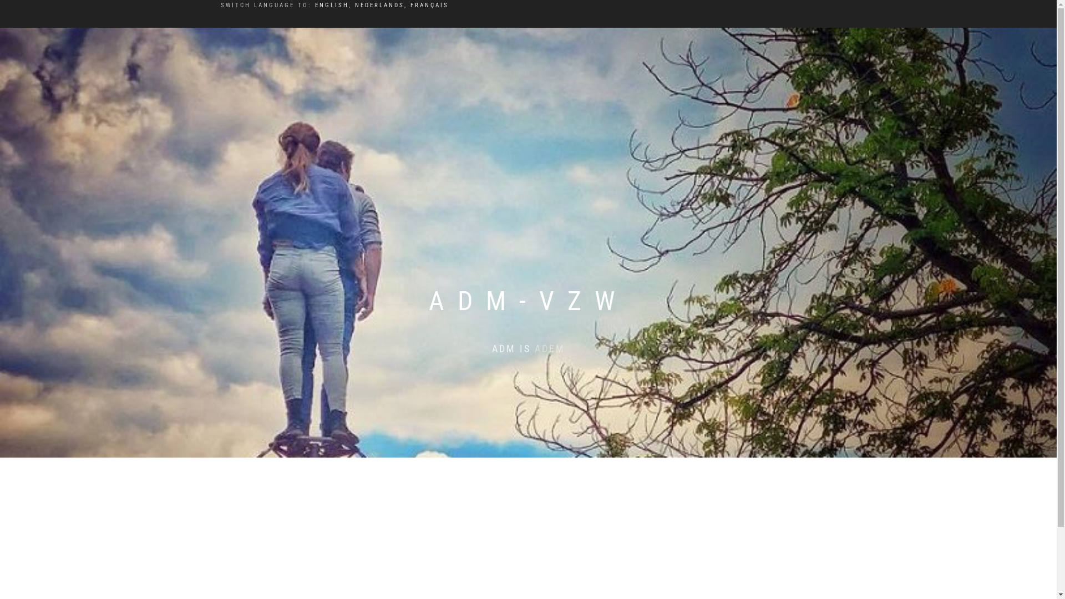  I want to click on 'NEDERLANDS', so click(379, 5).